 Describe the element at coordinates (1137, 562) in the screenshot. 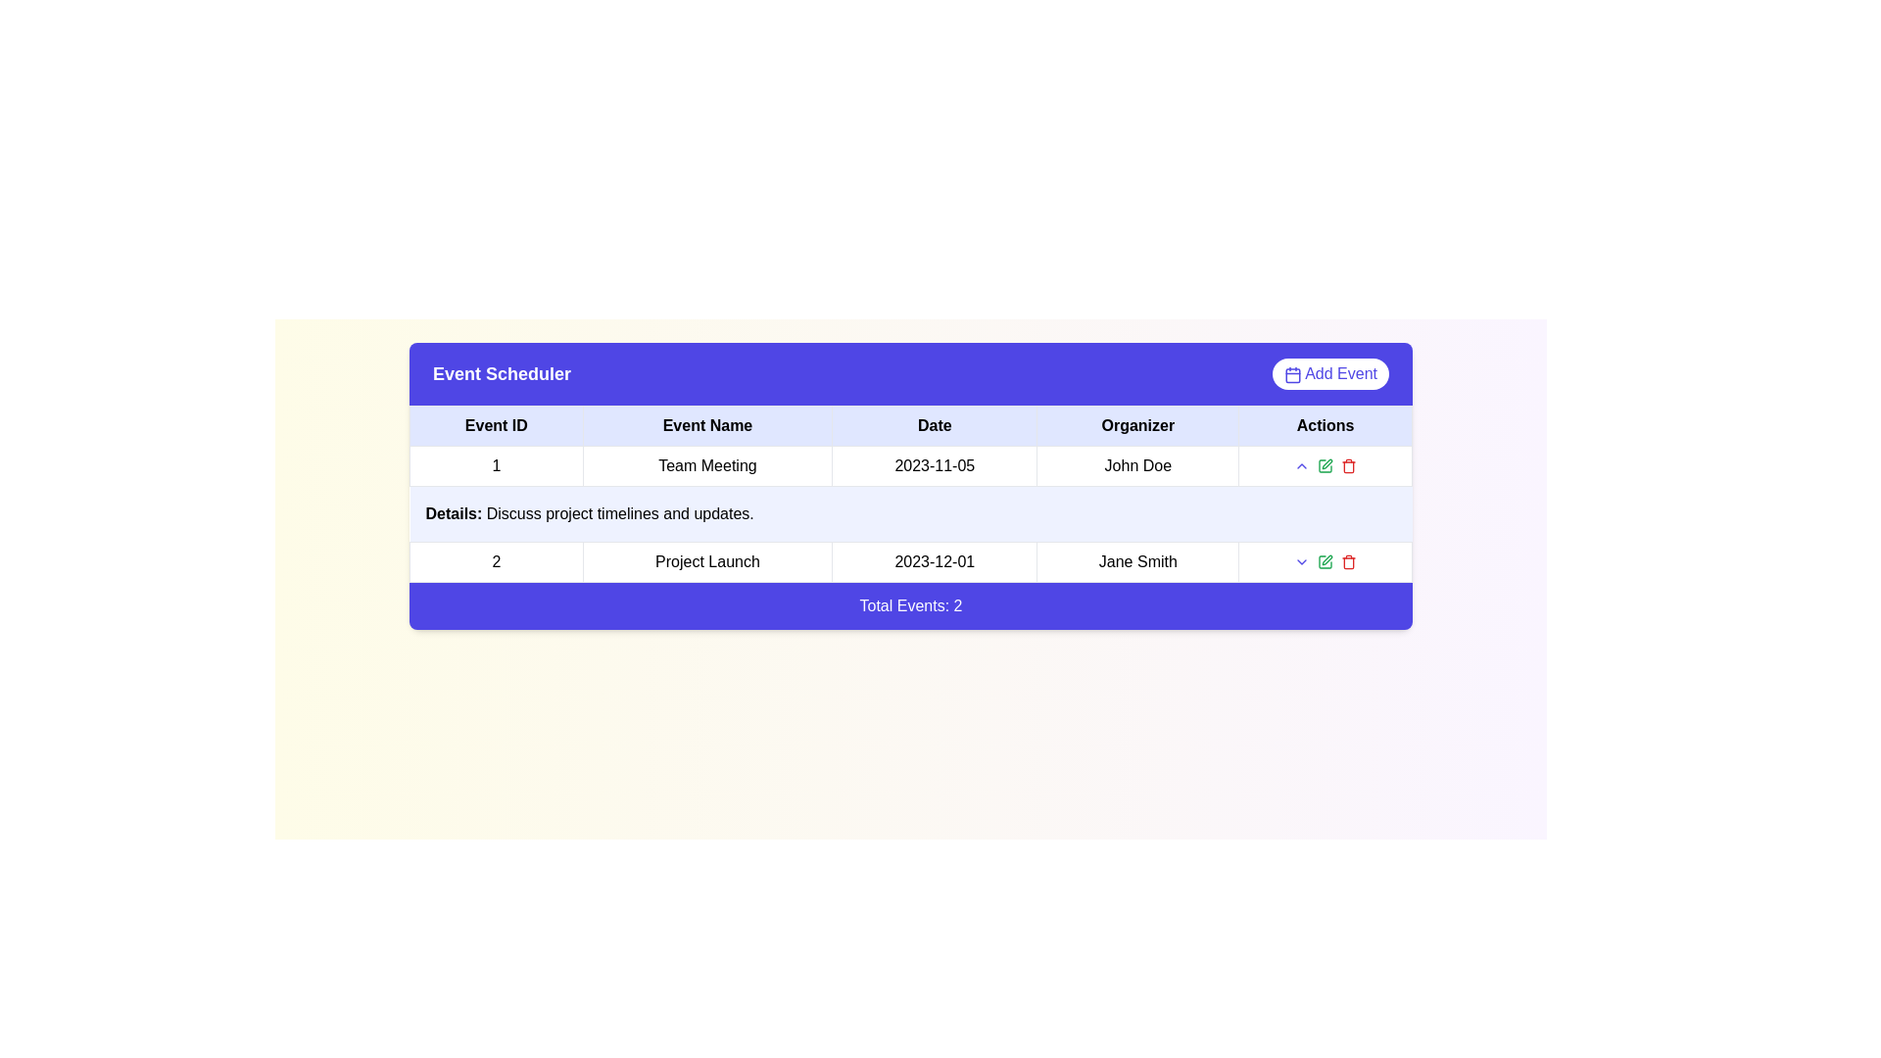

I see `text displayed in the bold 'Jane Smith' label located in the Organizer column of the Event Scheduler table` at that location.